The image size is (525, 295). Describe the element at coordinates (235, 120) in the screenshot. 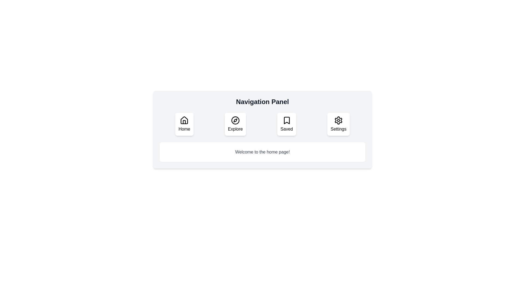

I see `the compass needle graphic element located in the center of the circular emblem inside the 'Explore' button, which is the second button in the navigation panel at the top center of the card` at that location.